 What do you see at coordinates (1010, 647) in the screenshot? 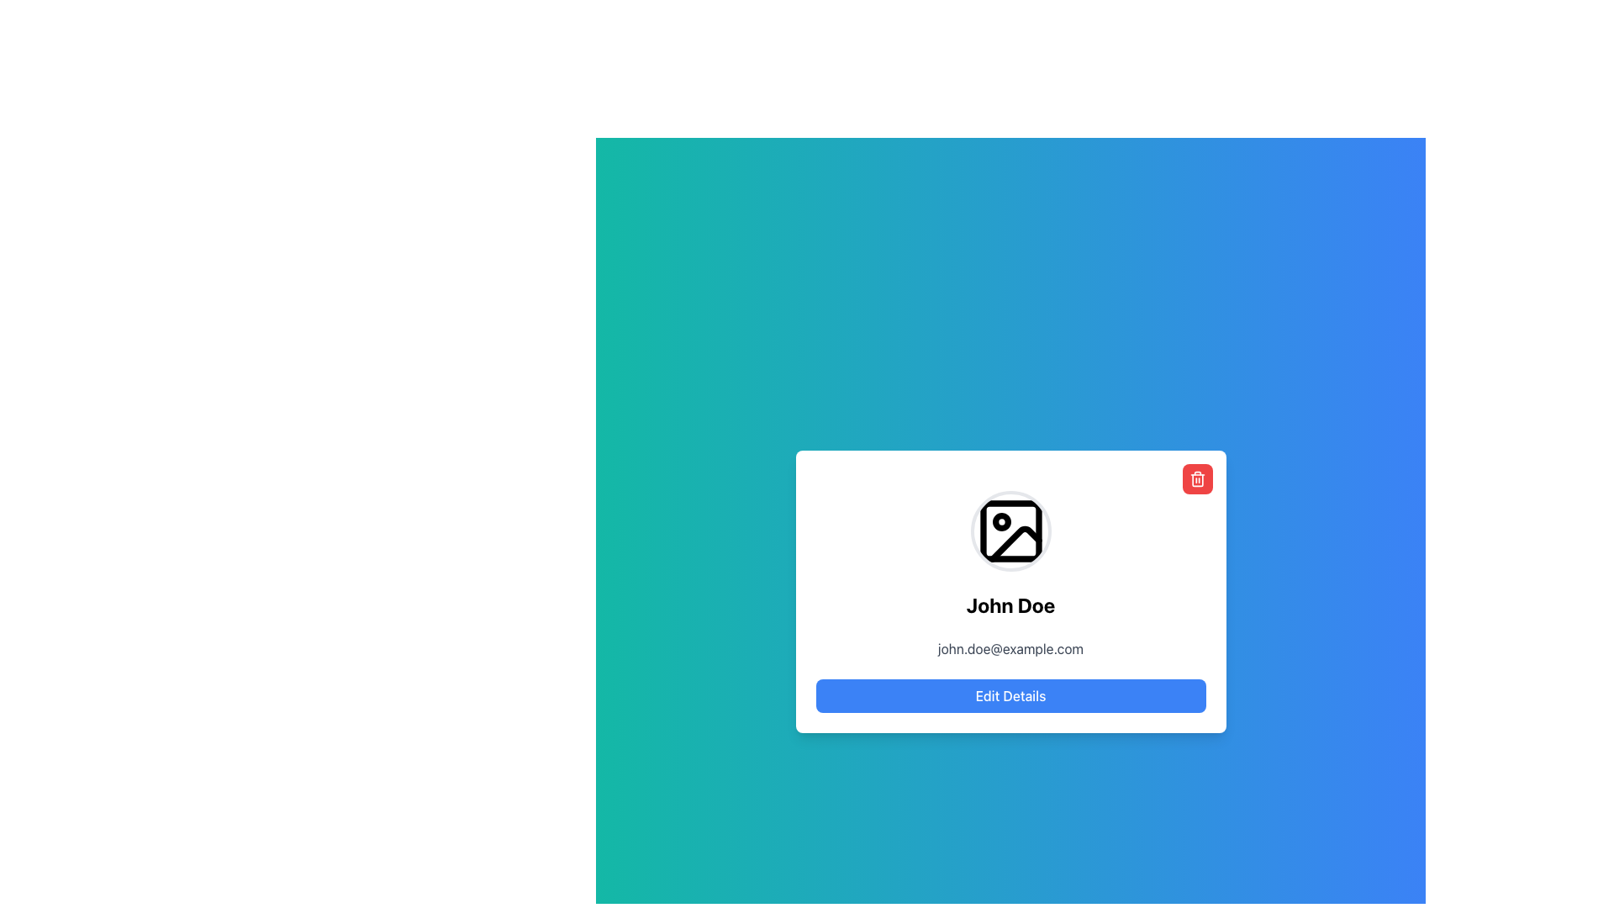
I see `the text label that reads 'john.doe@example.com', which is styled in gray and positioned below the 'John Doe' label within a white card component` at bounding box center [1010, 647].